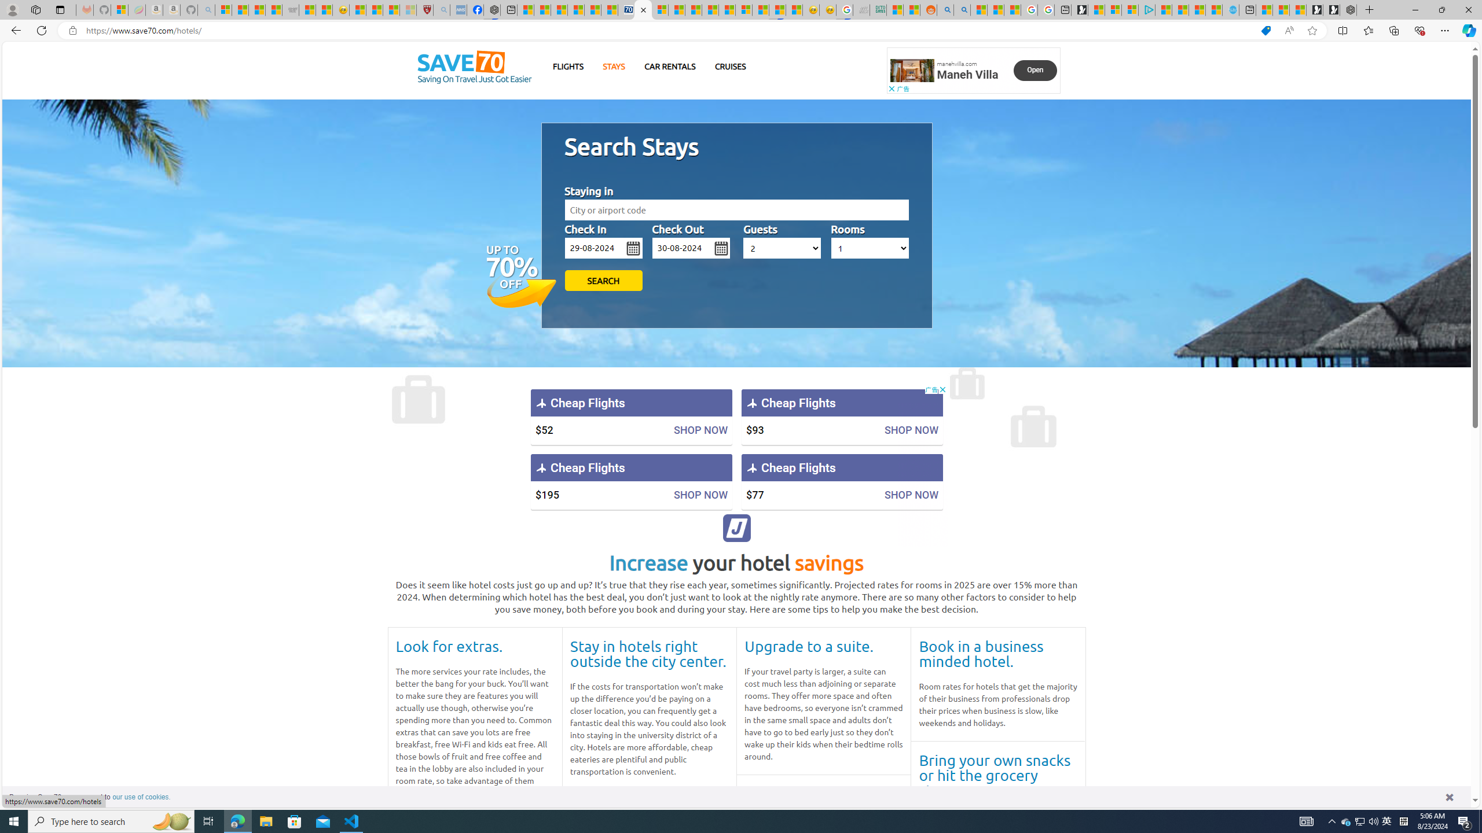  I want to click on 'AutomationID: hotels_rooms', so click(869, 248).